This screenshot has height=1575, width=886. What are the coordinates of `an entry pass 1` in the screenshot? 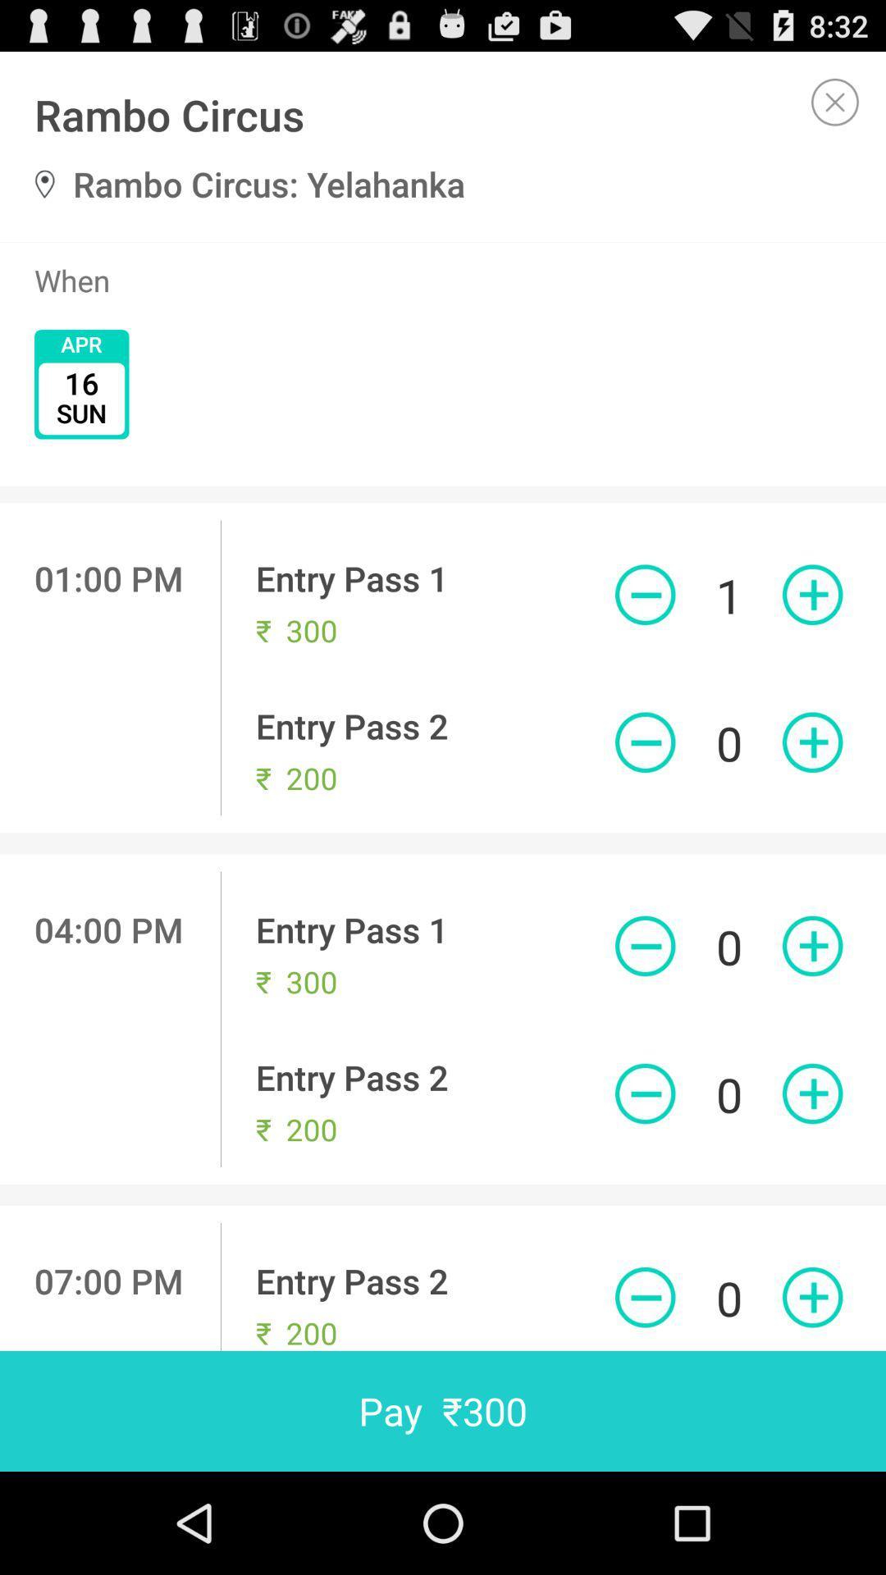 It's located at (812, 594).